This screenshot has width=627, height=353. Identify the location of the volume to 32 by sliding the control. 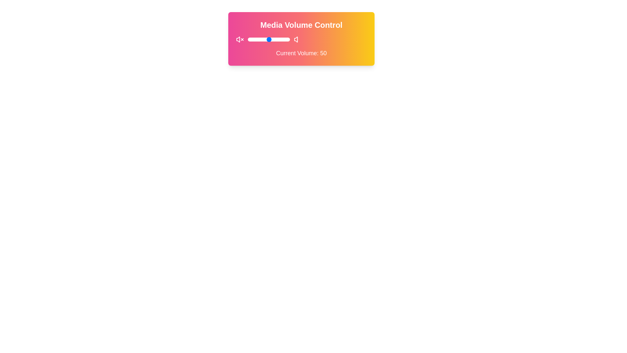
(261, 39).